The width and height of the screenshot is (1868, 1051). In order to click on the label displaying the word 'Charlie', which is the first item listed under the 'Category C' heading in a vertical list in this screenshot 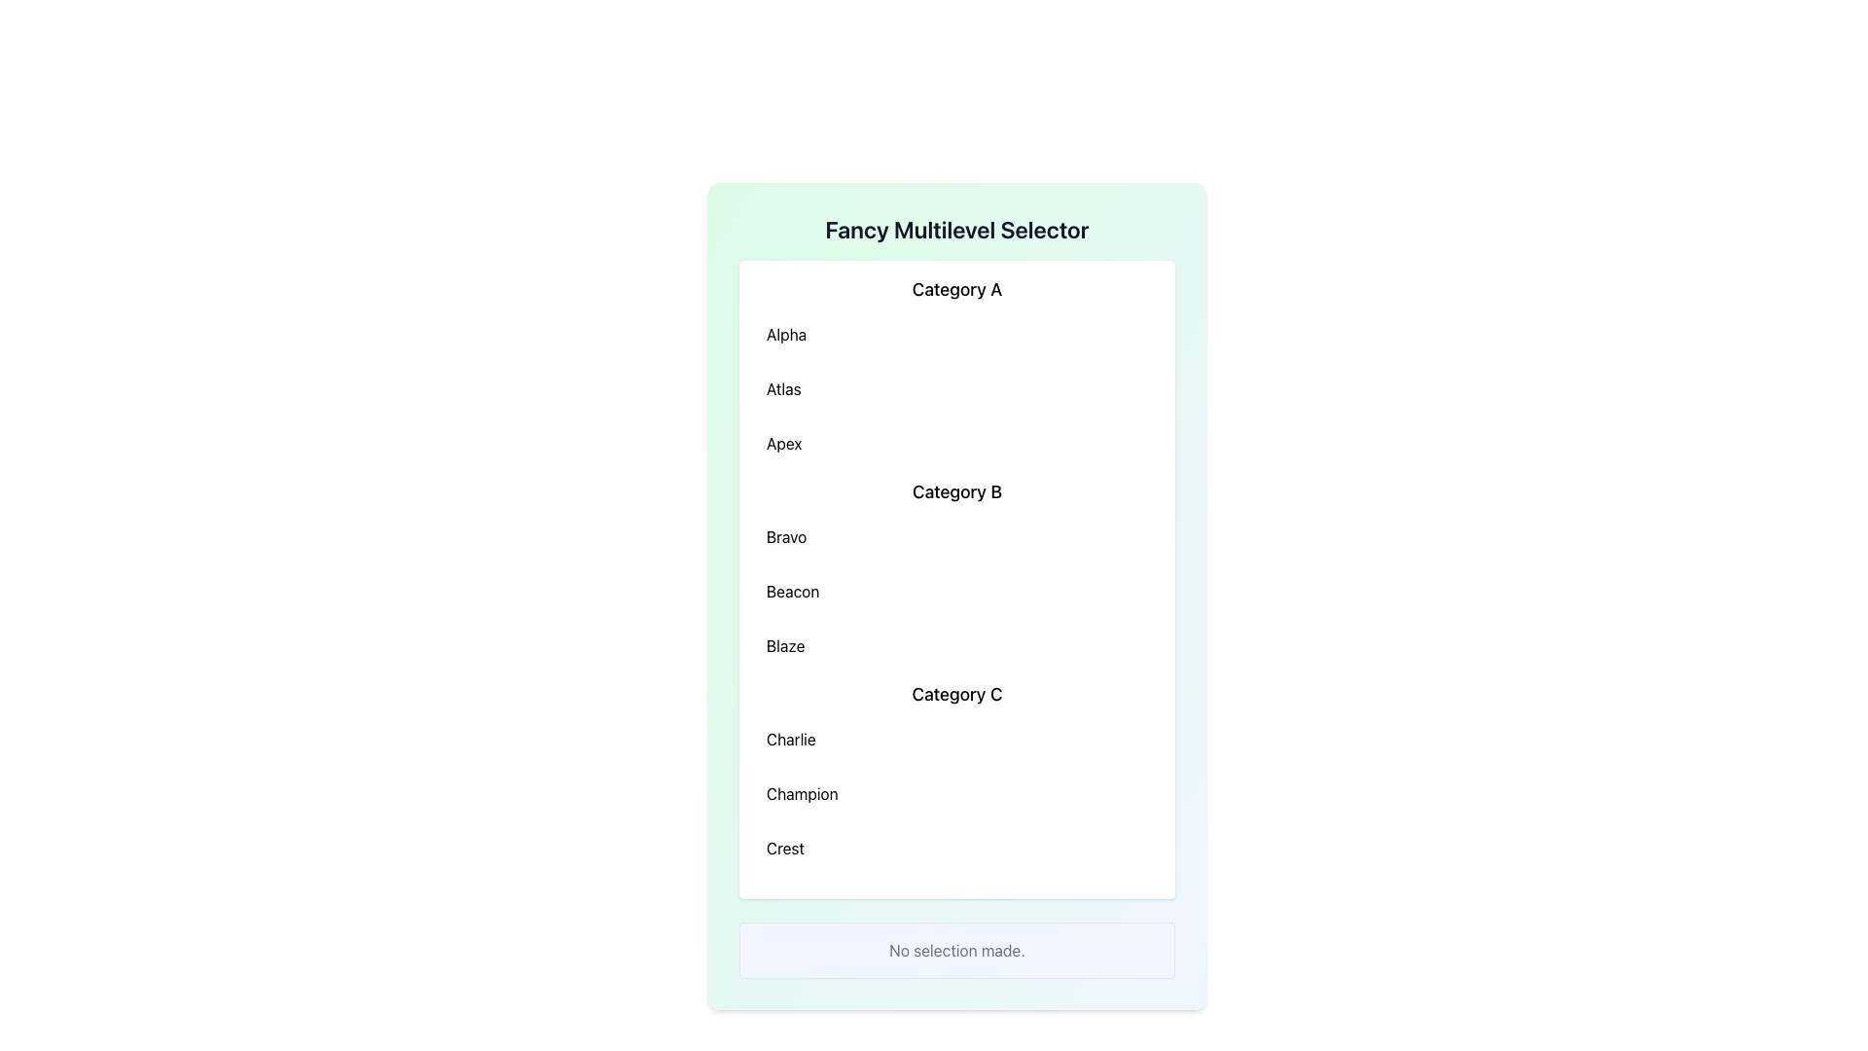, I will do `click(791, 739)`.